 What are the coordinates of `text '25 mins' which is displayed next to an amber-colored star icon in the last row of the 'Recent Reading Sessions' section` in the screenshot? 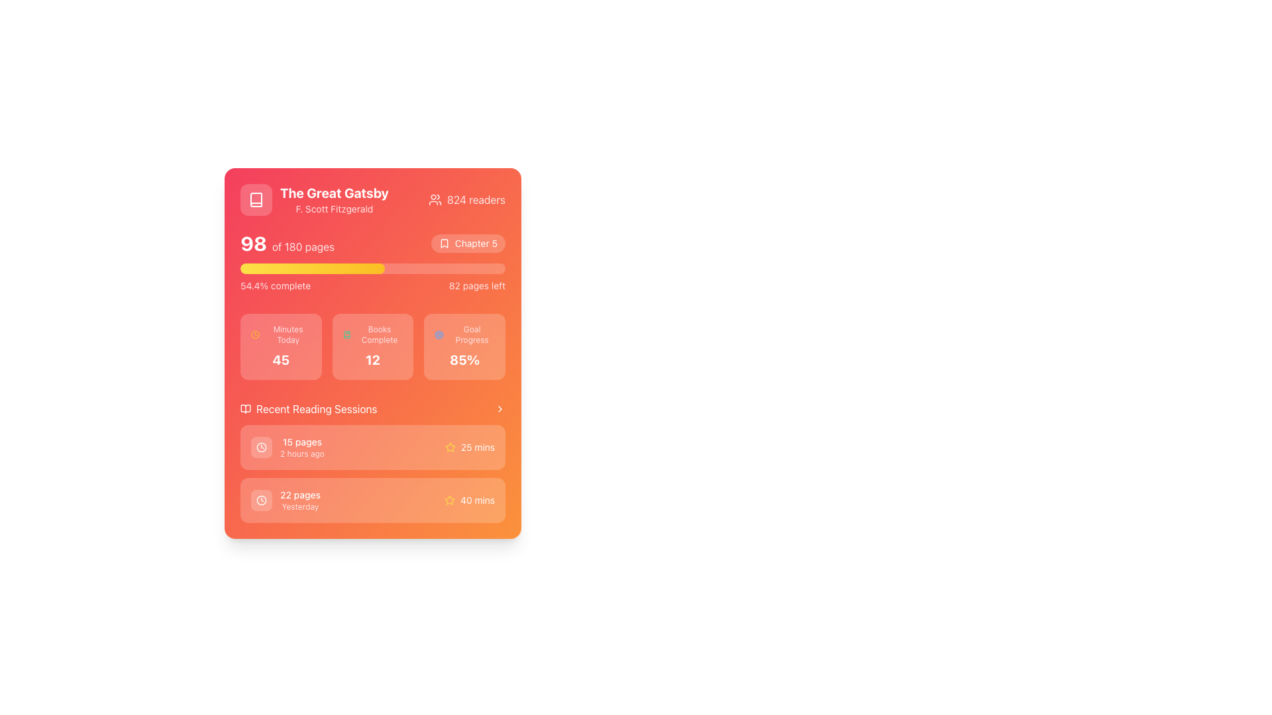 It's located at (470, 447).